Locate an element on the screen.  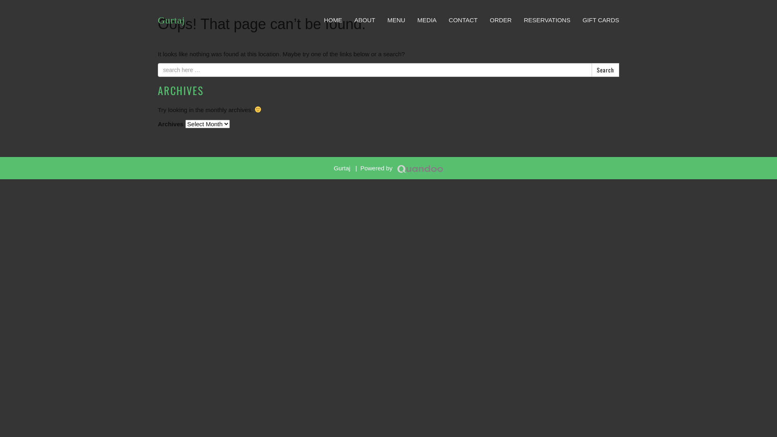
'HOME' is located at coordinates (333, 20).